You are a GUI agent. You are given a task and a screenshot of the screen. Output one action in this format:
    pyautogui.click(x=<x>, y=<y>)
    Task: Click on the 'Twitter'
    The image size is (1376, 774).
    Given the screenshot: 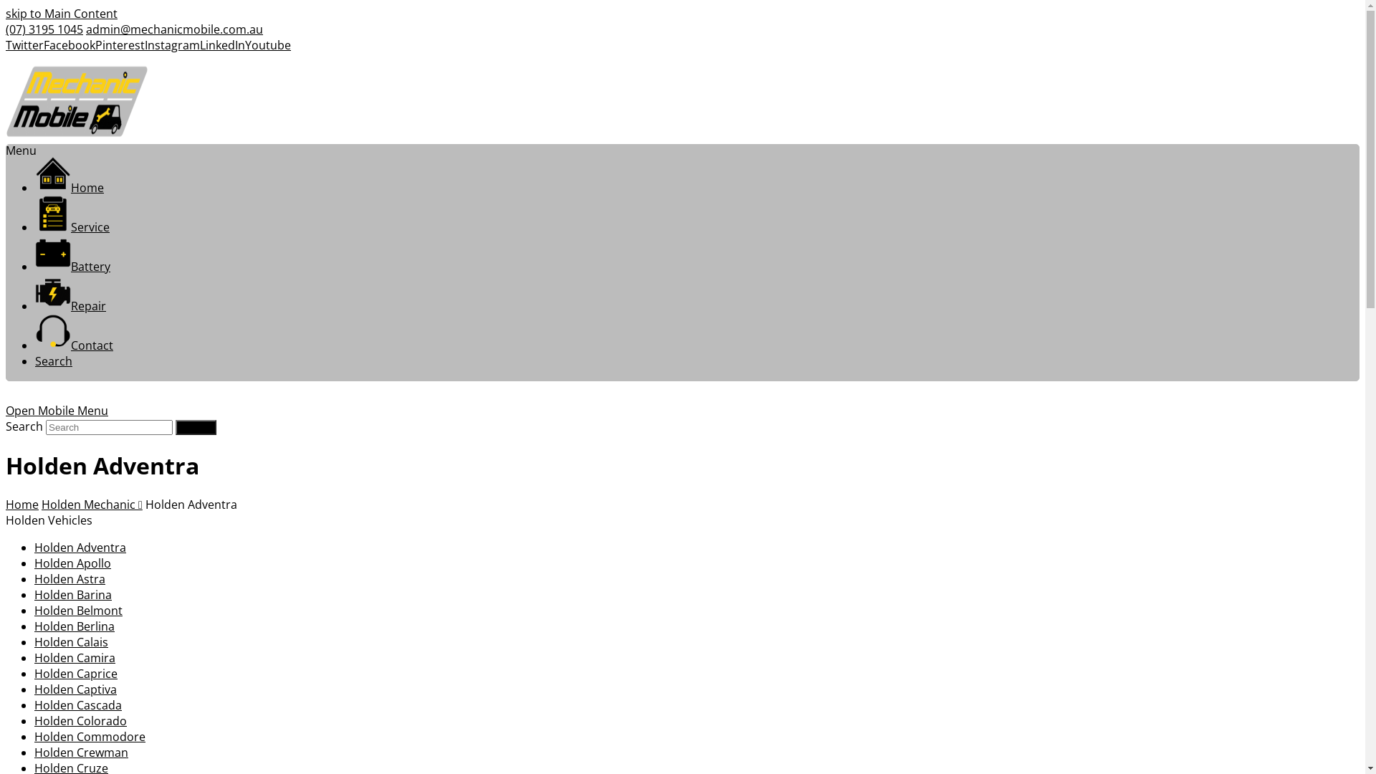 What is the action you would take?
    pyautogui.click(x=24, y=44)
    